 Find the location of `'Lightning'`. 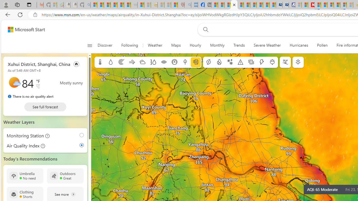

'Lightning' is located at coordinates (261, 62).